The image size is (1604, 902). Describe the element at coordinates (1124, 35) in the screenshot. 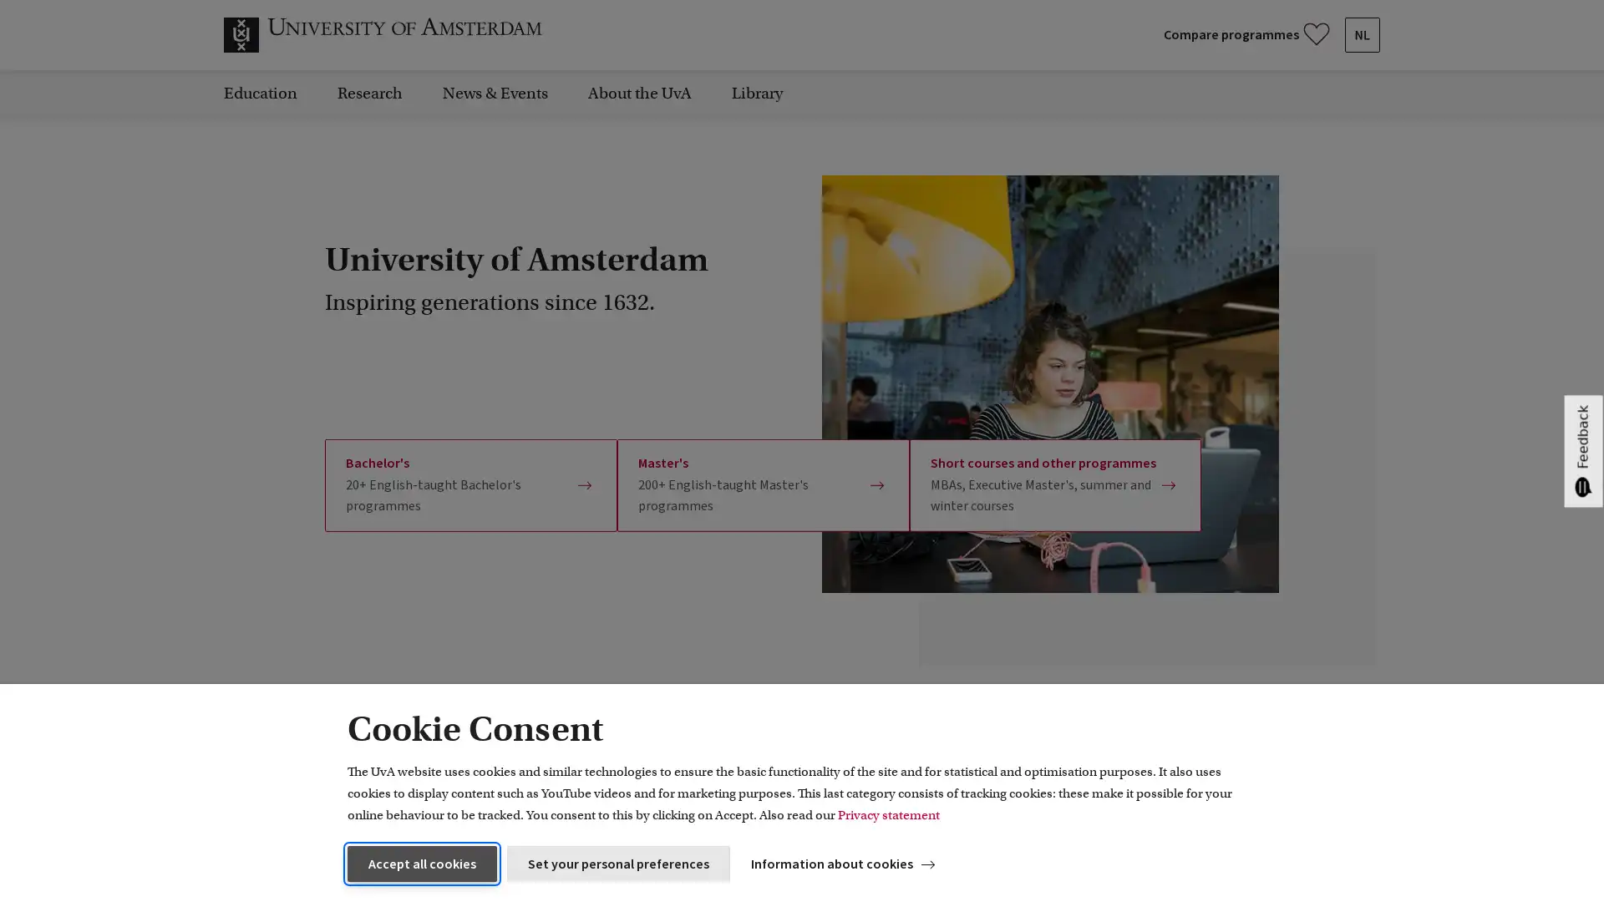

I see `Submit search` at that location.